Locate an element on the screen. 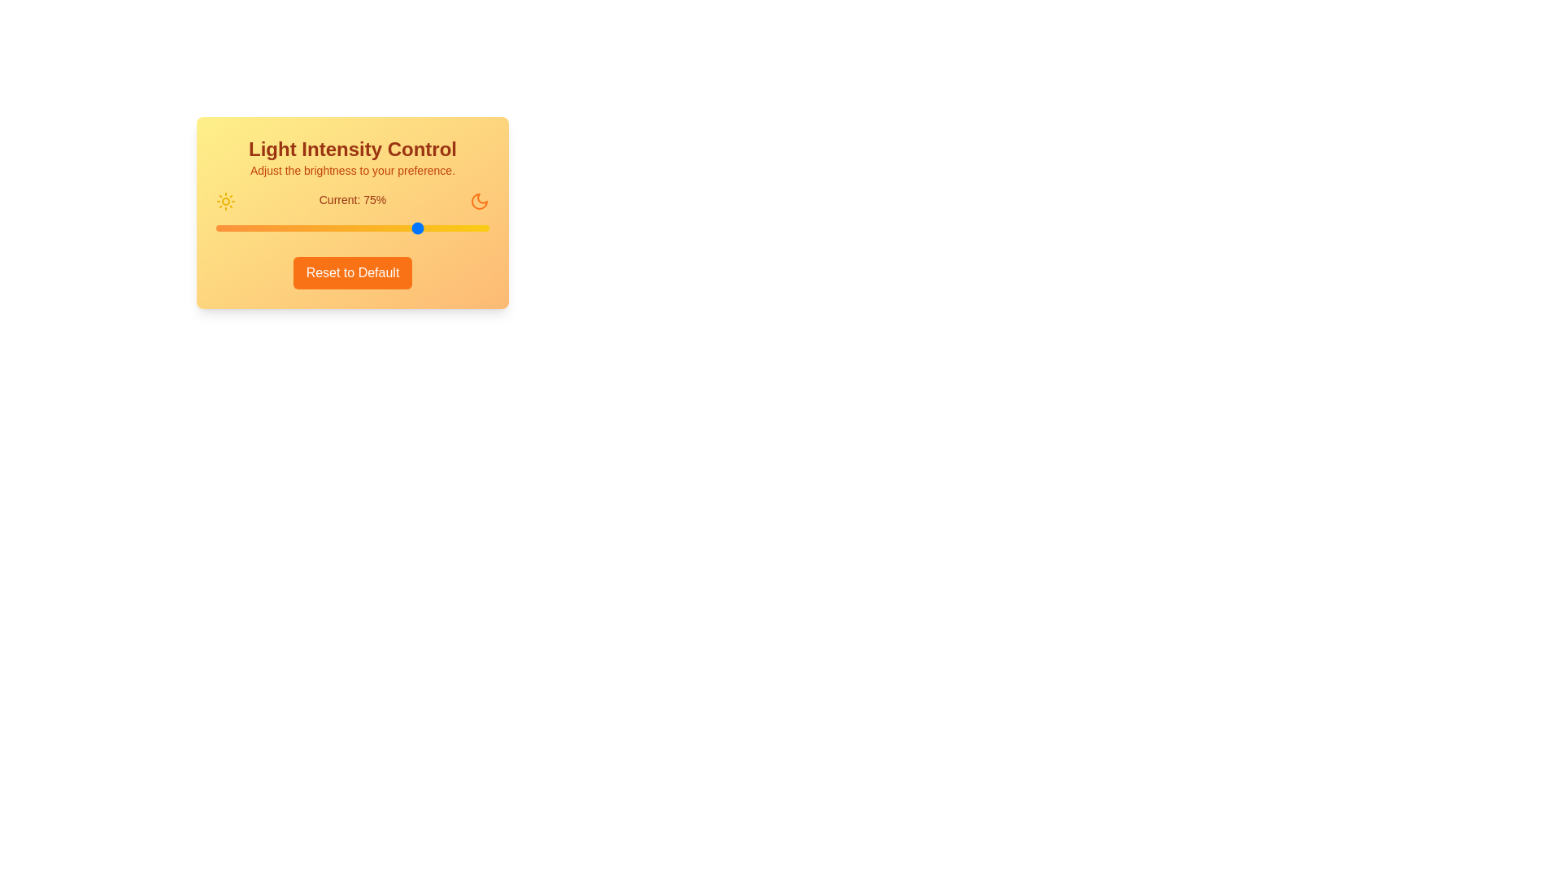  the light intensity to 74% by interacting with the slider is located at coordinates (418, 228).